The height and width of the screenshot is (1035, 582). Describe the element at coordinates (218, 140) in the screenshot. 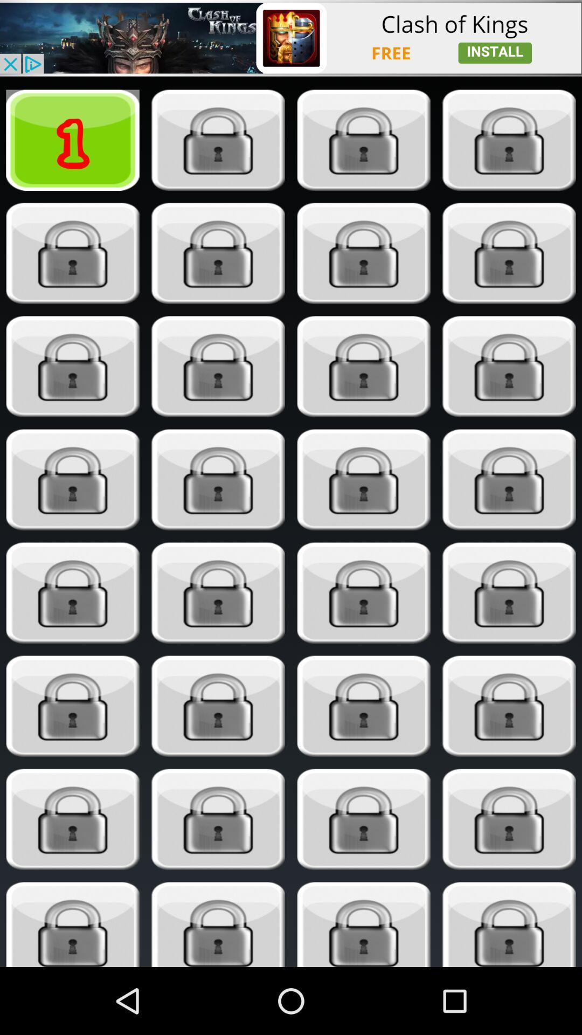

I see `open the locked box` at that location.